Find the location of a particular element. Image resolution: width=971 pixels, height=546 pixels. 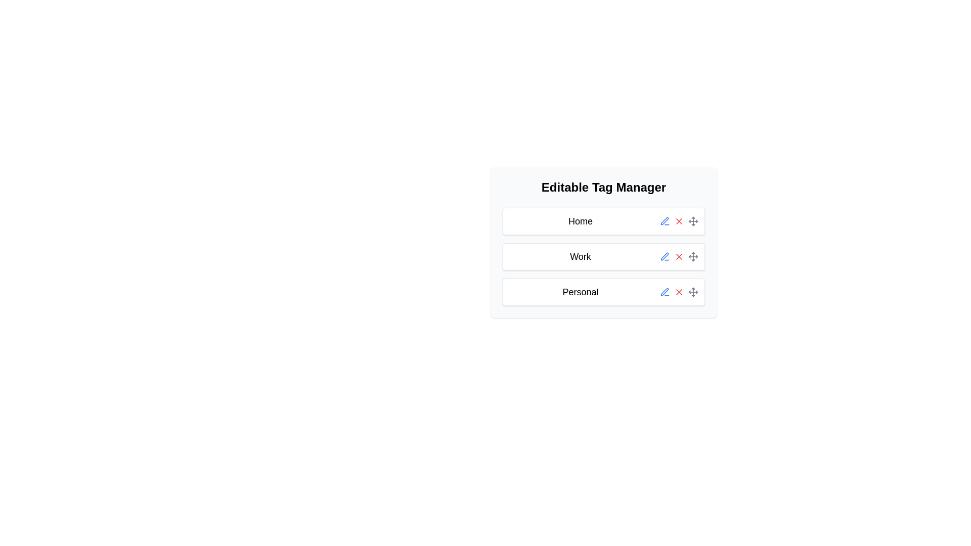

the Move icon located at the right side of the list item labeled 'Work' is located at coordinates (693, 256).